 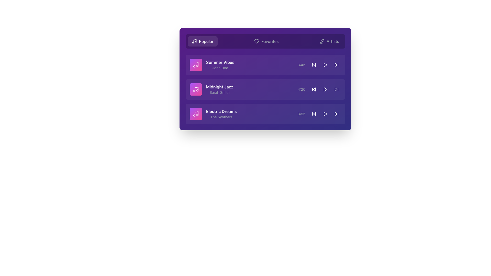 What do you see at coordinates (336, 114) in the screenshot?
I see `the triangular skip-forward button icon located to the far right of the 'Electric Dreams' song entry in the playlist interface` at bounding box center [336, 114].